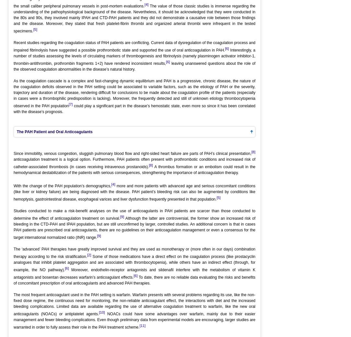  What do you see at coordinates (70, 104) in the screenshot?
I see `'[7]'` at bounding box center [70, 104].